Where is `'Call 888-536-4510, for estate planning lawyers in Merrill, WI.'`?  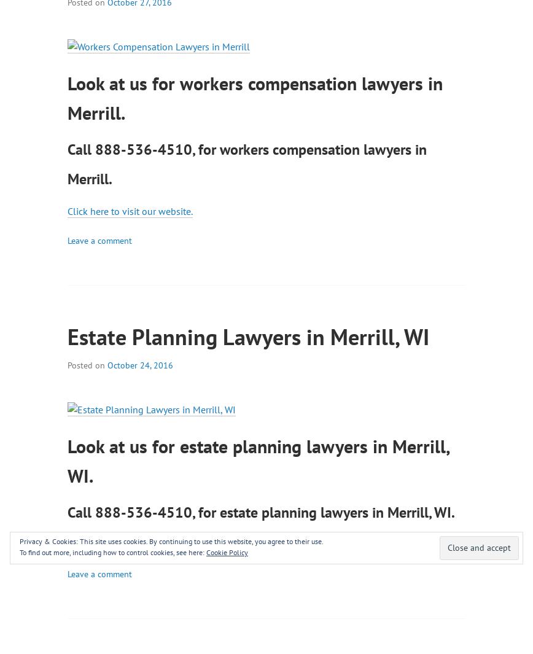
'Call 888-536-4510, for estate planning lawyers in Merrill, WI.' is located at coordinates (261, 512).